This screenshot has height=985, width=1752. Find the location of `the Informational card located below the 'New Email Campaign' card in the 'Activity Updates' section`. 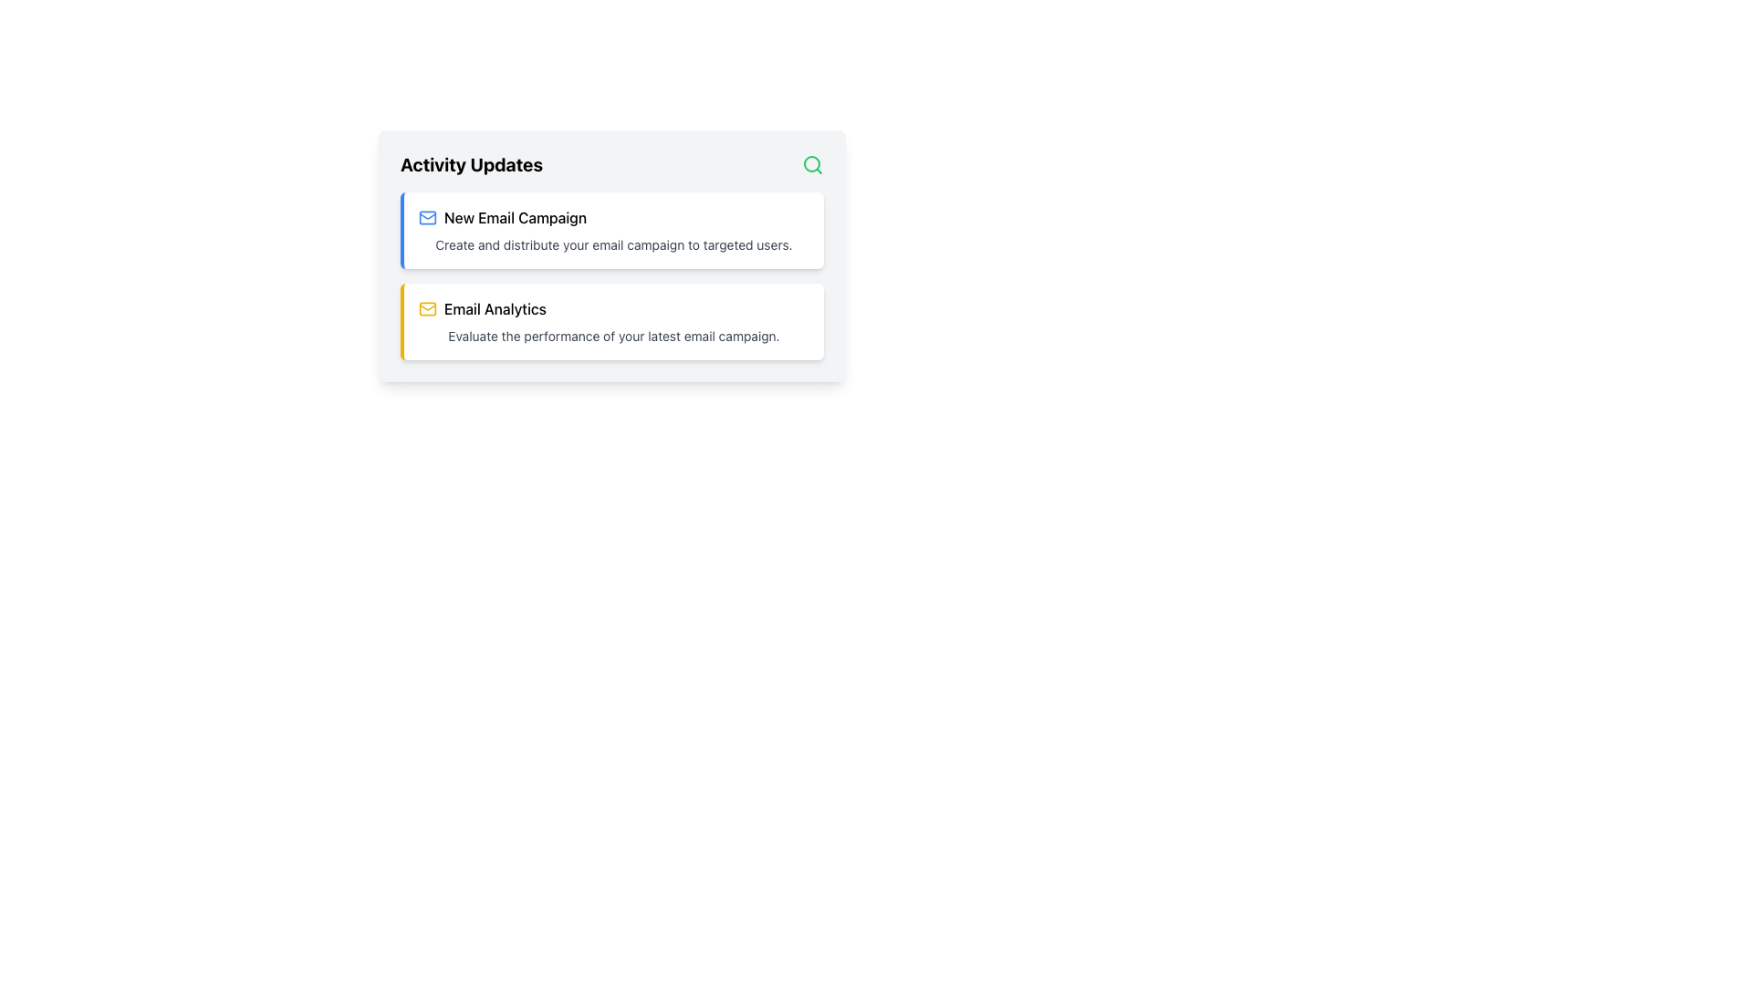

the Informational card located below the 'New Email Campaign' card in the 'Activity Updates' section is located at coordinates (612, 321).